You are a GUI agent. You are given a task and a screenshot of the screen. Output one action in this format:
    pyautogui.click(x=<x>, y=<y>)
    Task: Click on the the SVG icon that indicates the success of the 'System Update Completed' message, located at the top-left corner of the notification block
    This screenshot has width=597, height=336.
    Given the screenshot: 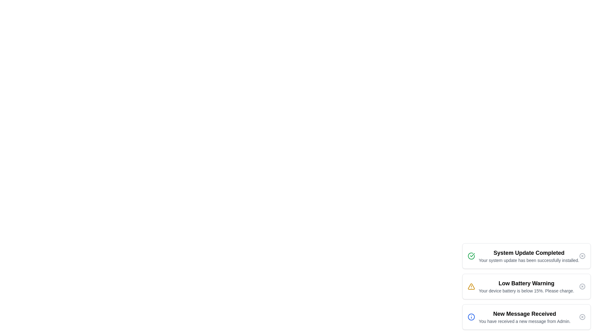 What is the action you would take?
    pyautogui.click(x=471, y=256)
    